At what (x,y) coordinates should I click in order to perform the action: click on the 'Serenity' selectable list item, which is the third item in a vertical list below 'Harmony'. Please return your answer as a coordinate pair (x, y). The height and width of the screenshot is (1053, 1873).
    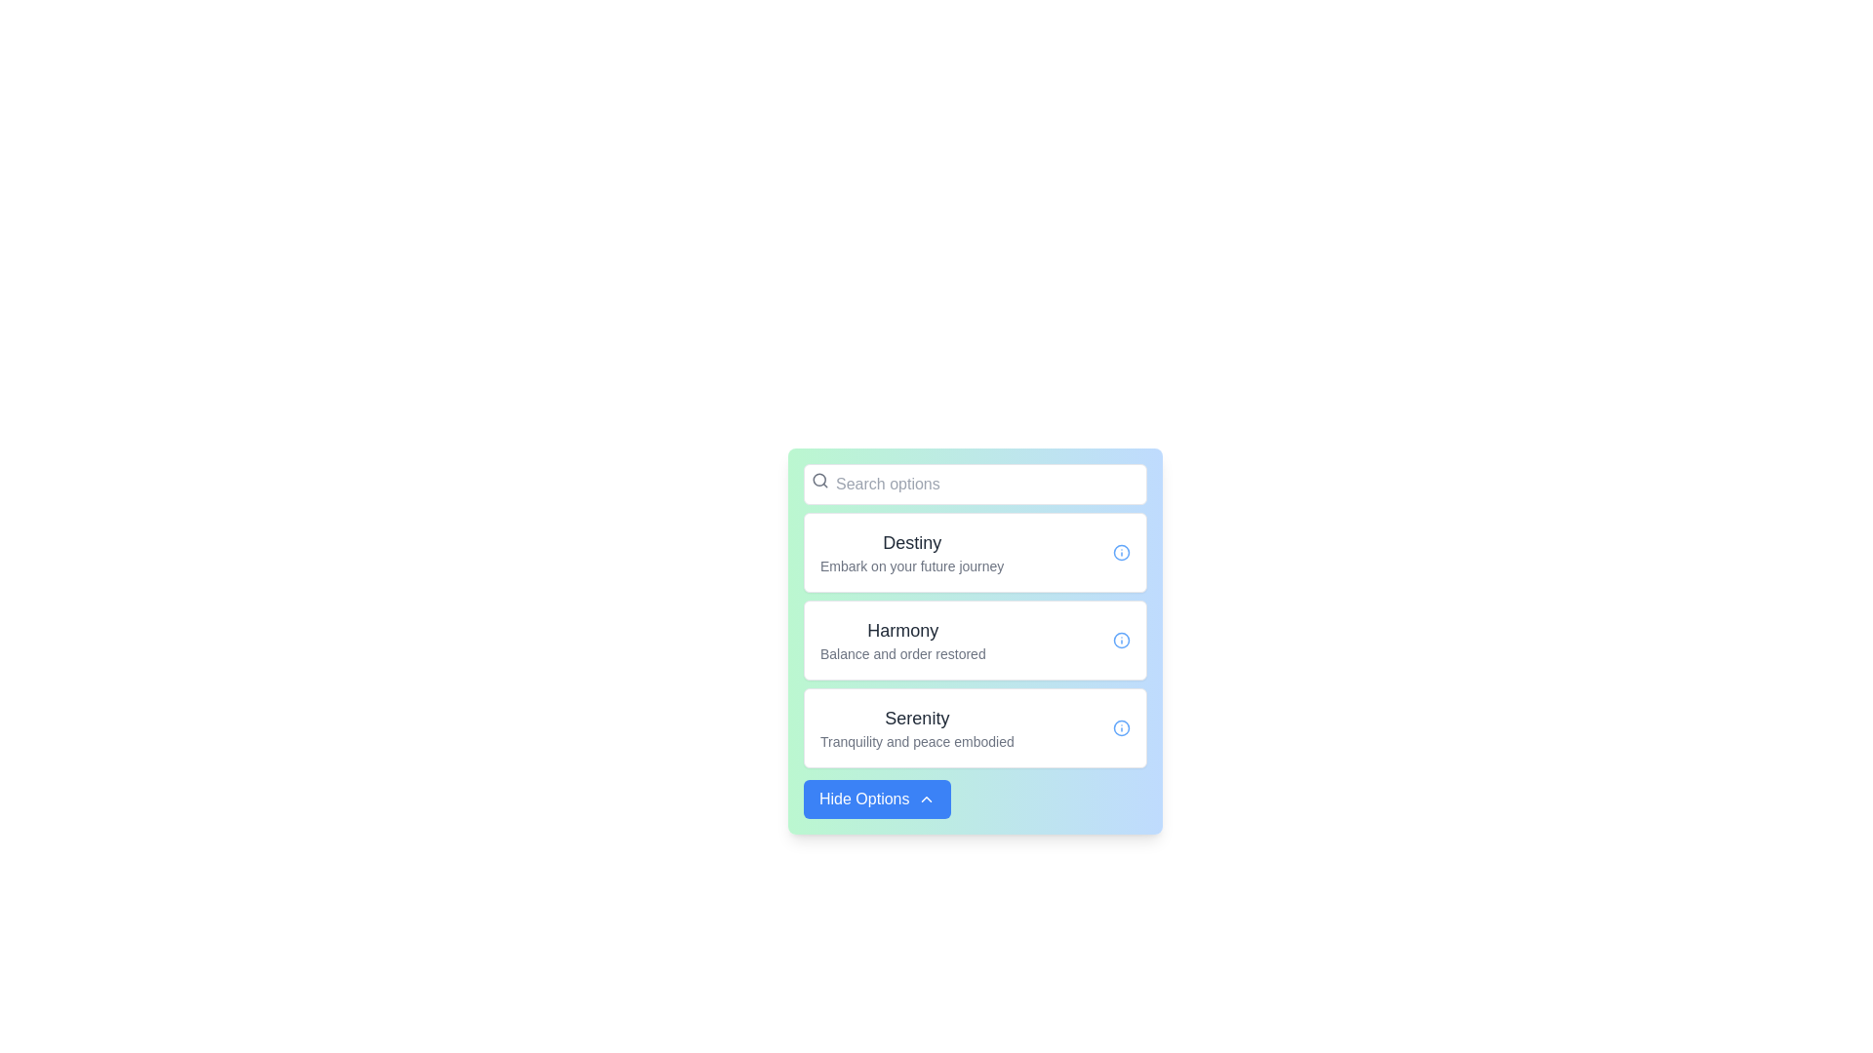
    Looking at the image, I should click on (975, 728).